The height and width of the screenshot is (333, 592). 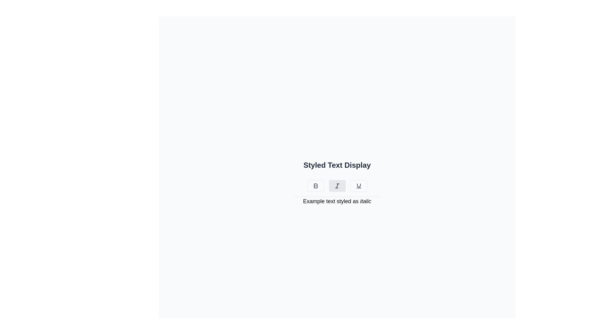 I want to click on the second button in the text formatting toolbar, so click(x=337, y=185).